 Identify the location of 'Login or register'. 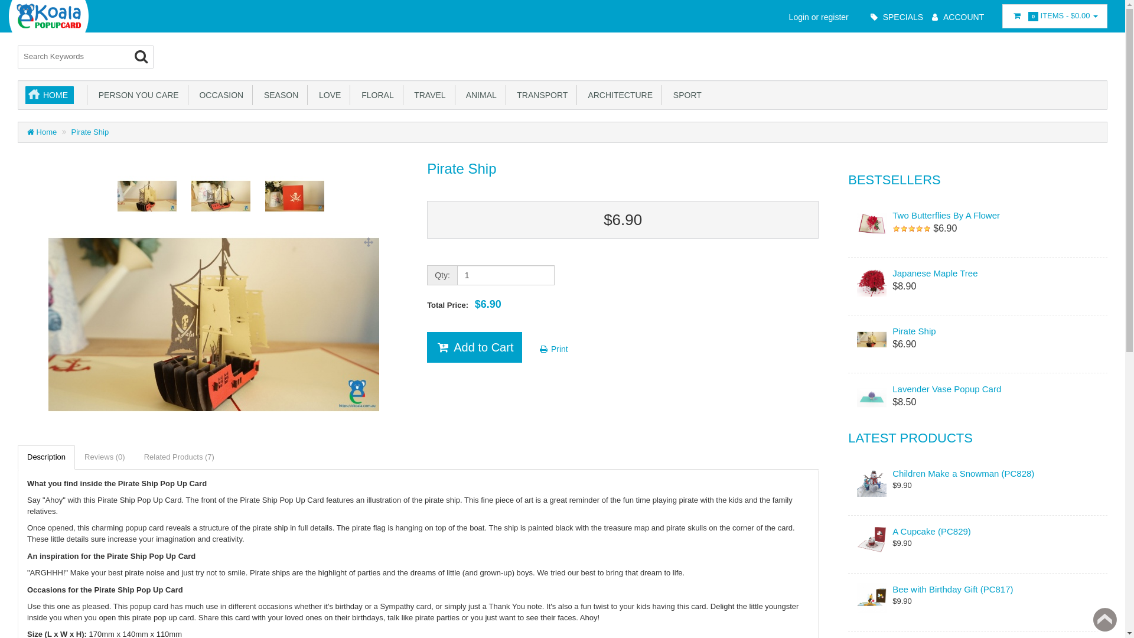
(815, 17).